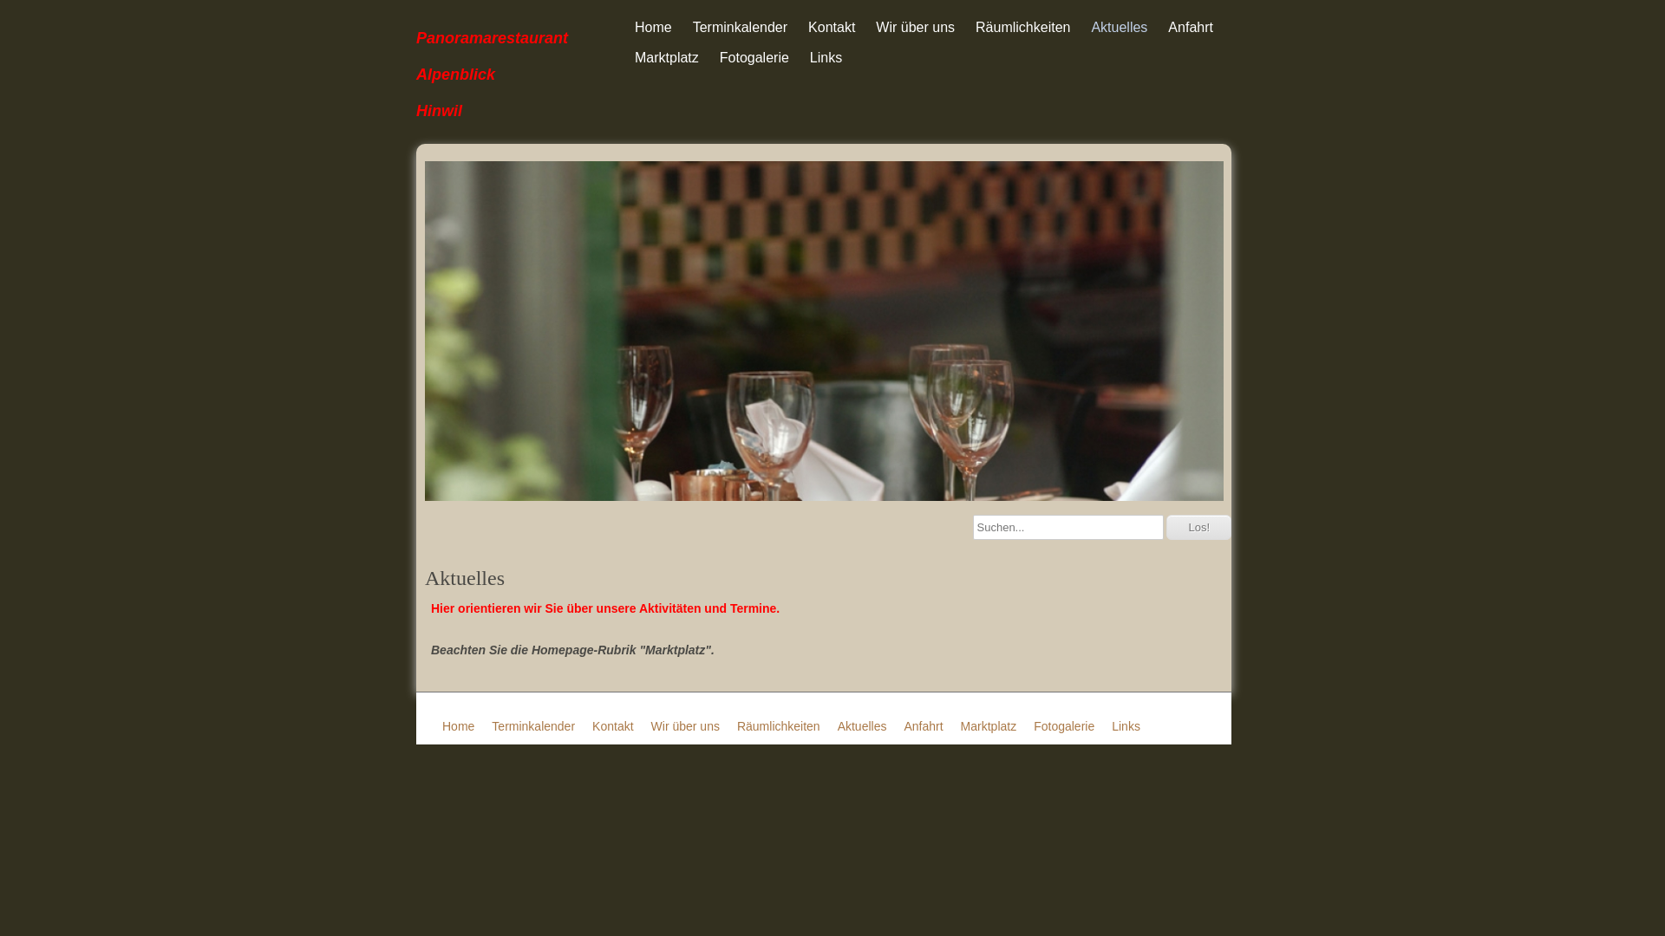 This screenshot has width=1665, height=936. Describe the element at coordinates (1198, 526) in the screenshot. I see `'Los!'` at that location.